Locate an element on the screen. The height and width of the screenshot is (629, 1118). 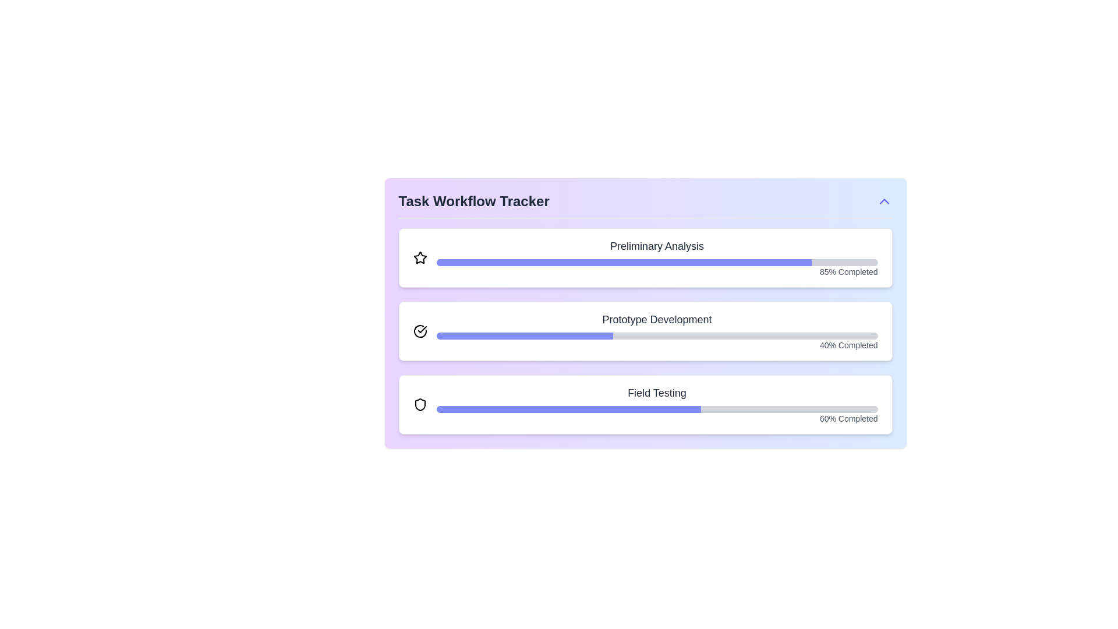
the blue rectangular progress bar fill representing 60% completion in the 'Field Testing' task indicator is located at coordinates (568, 408).